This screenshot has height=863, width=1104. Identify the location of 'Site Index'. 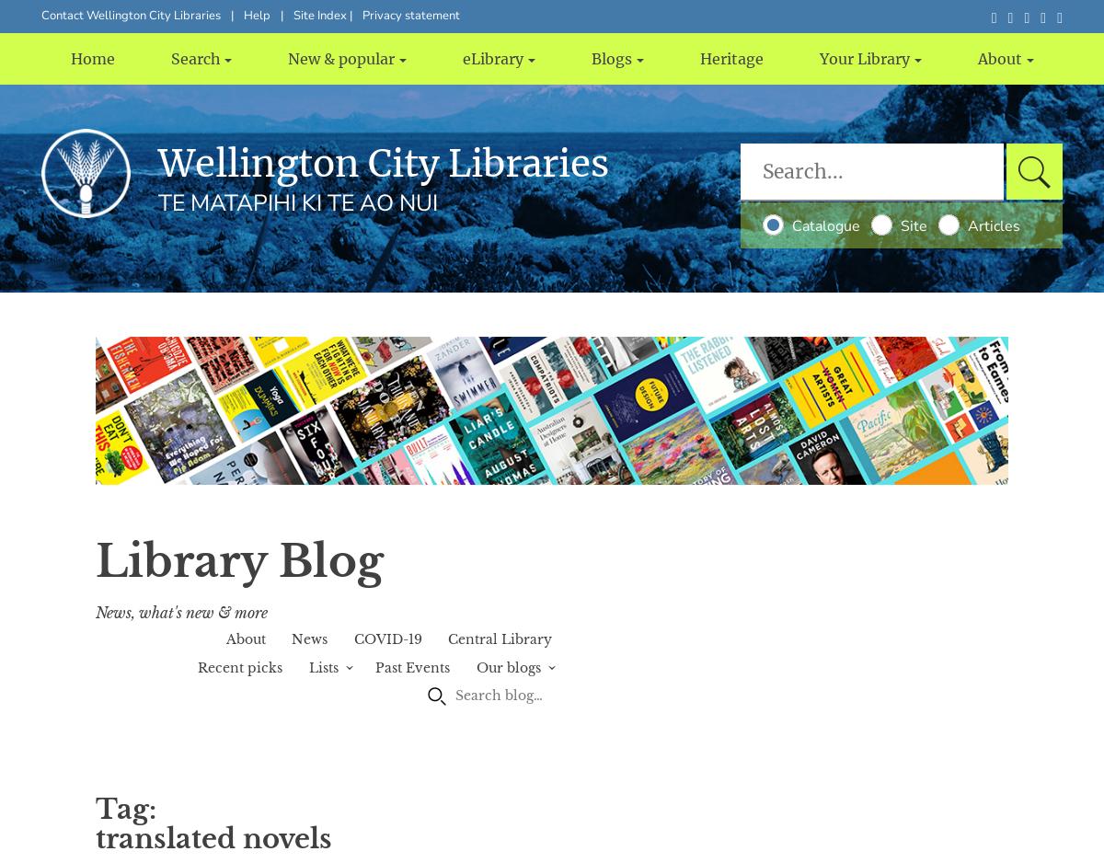
(321, 15).